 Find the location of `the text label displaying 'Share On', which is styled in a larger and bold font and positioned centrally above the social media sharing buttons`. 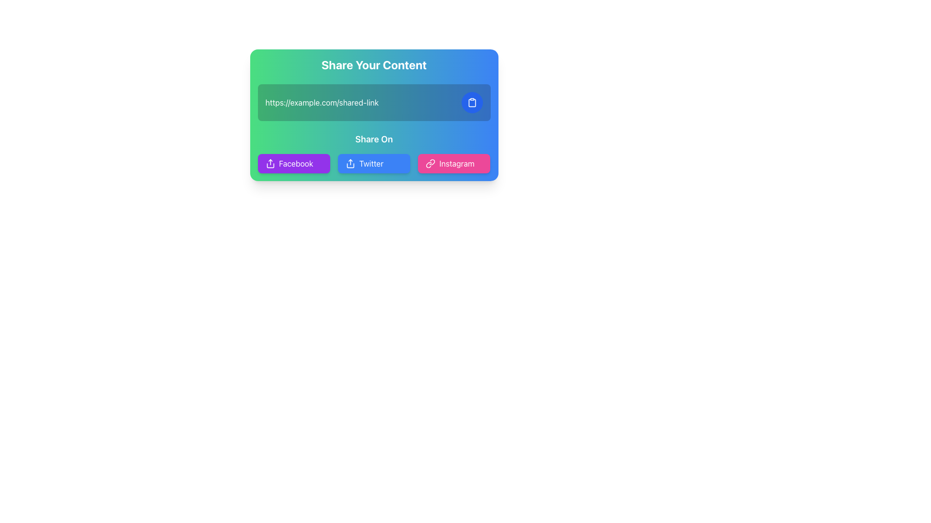

the text label displaying 'Share On', which is styled in a larger and bold font and positioned centrally above the social media sharing buttons is located at coordinates (373, 139).